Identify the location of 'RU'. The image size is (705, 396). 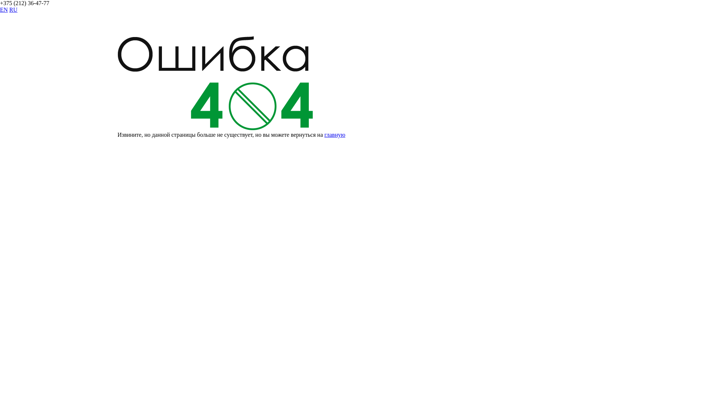
(13, 10).